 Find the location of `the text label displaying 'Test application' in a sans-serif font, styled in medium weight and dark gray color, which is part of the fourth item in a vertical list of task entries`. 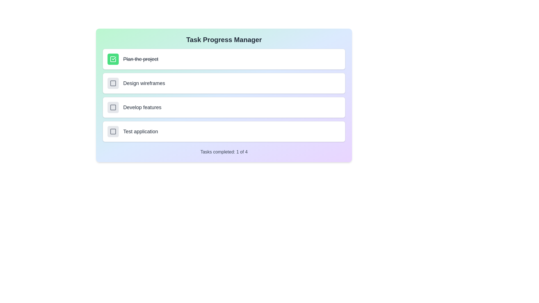

the text label displaying 'Test application' in a sans-serif font, styled in medium weight and dark gray color, which is part of the fourth item in a vertical list of task entries is located at coordinates (141, 132).